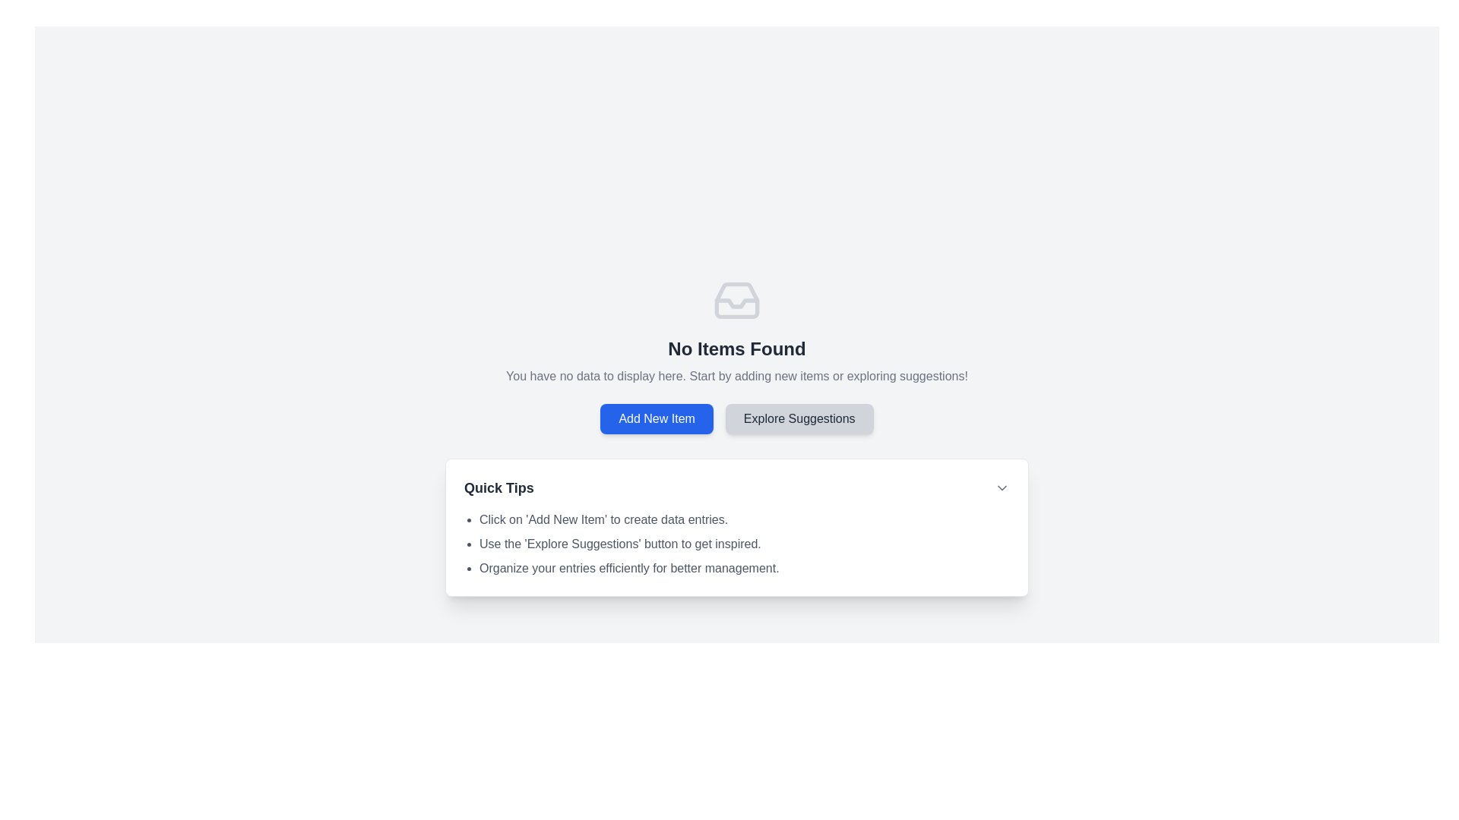 Image resolution: width=1459 pixels, height=820 pixels. Describe the element at coordinates (736, 544) in the screenshot. I see `textual instructions provided in the Ordered list located in the 'Quick Tips' section, centered horizontally below the section header` at that location.